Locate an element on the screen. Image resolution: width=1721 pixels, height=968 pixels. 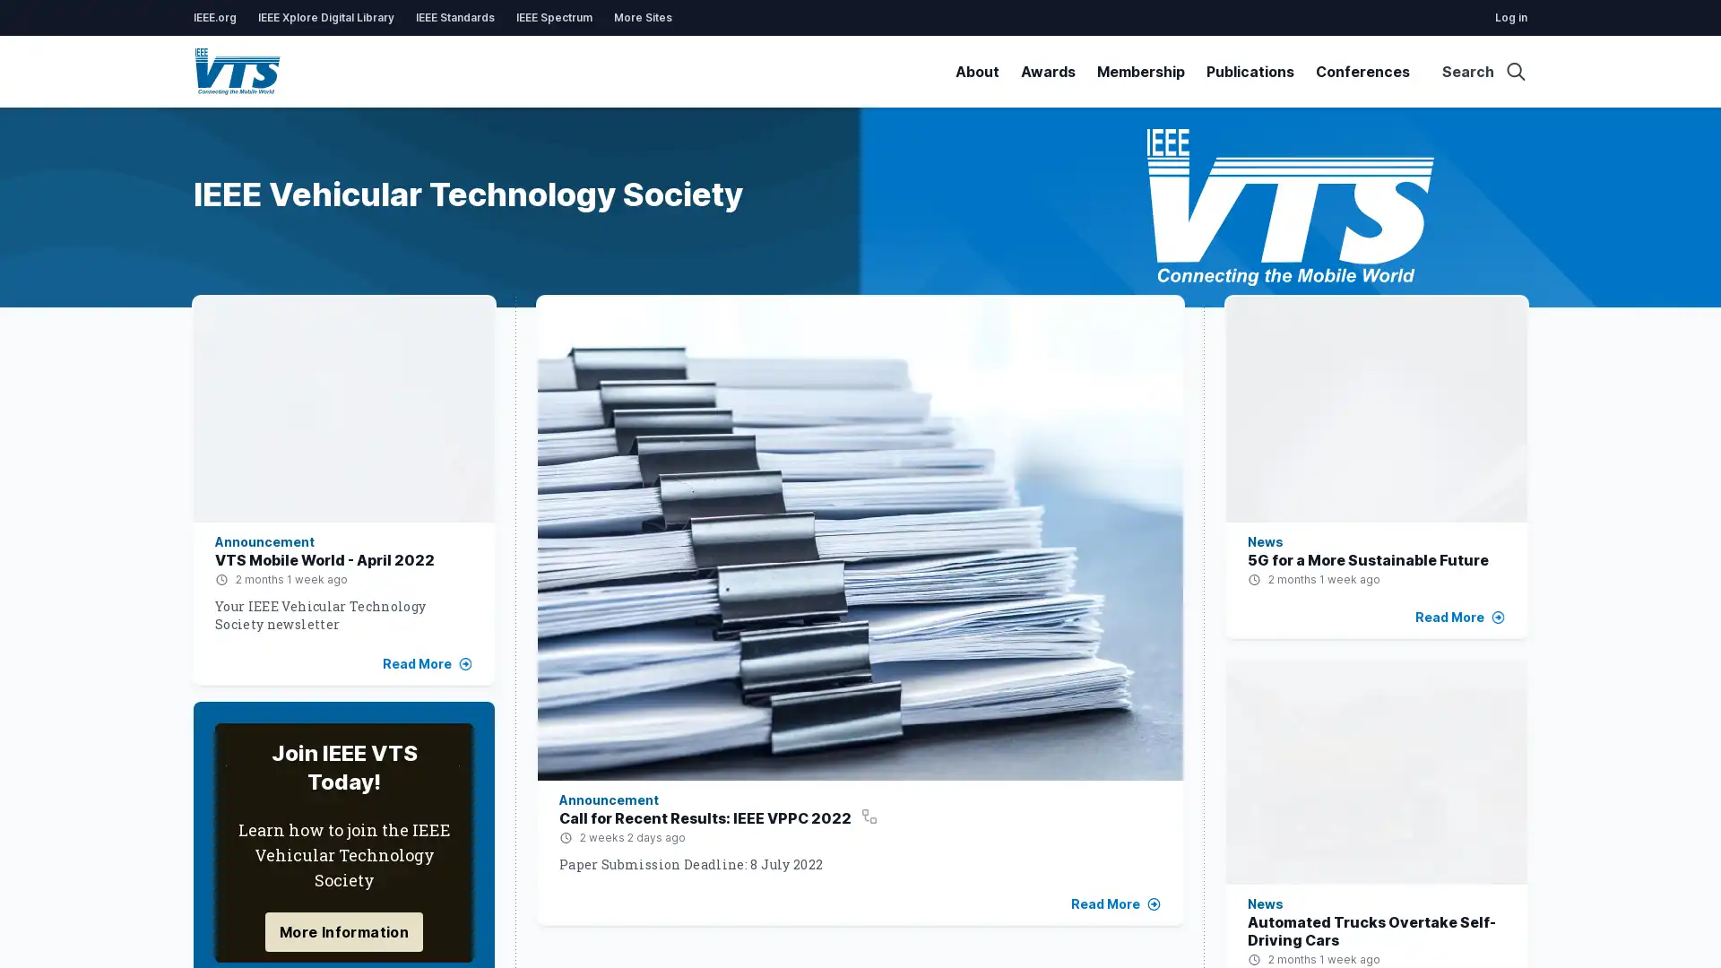
Search is located at coordinates (1484, 71).